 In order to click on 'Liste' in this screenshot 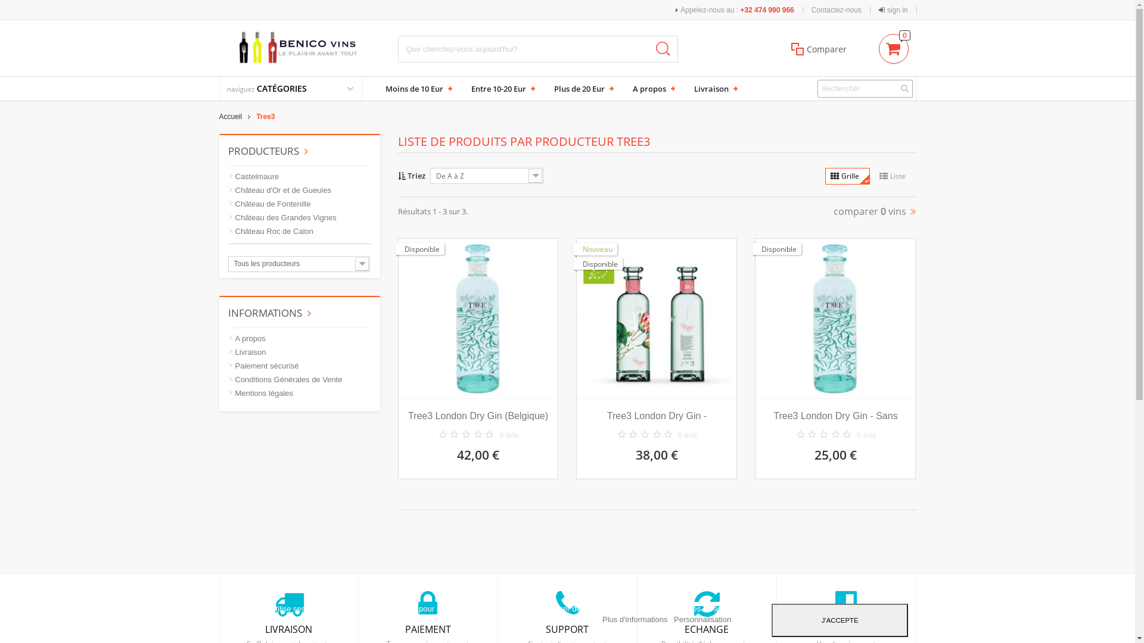, I will do `click(894, 176)`.